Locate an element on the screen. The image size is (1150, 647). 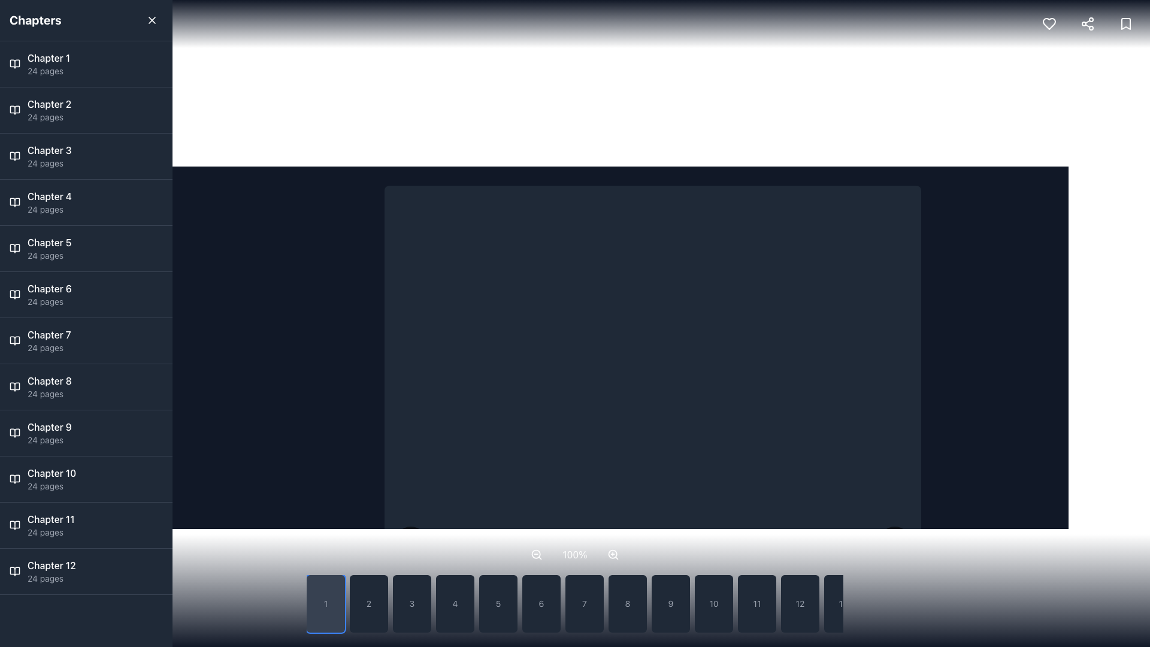
the text block displaying 'Chapter 3' and '24 pages' in the sidebar is located at coordinates (49, 156).